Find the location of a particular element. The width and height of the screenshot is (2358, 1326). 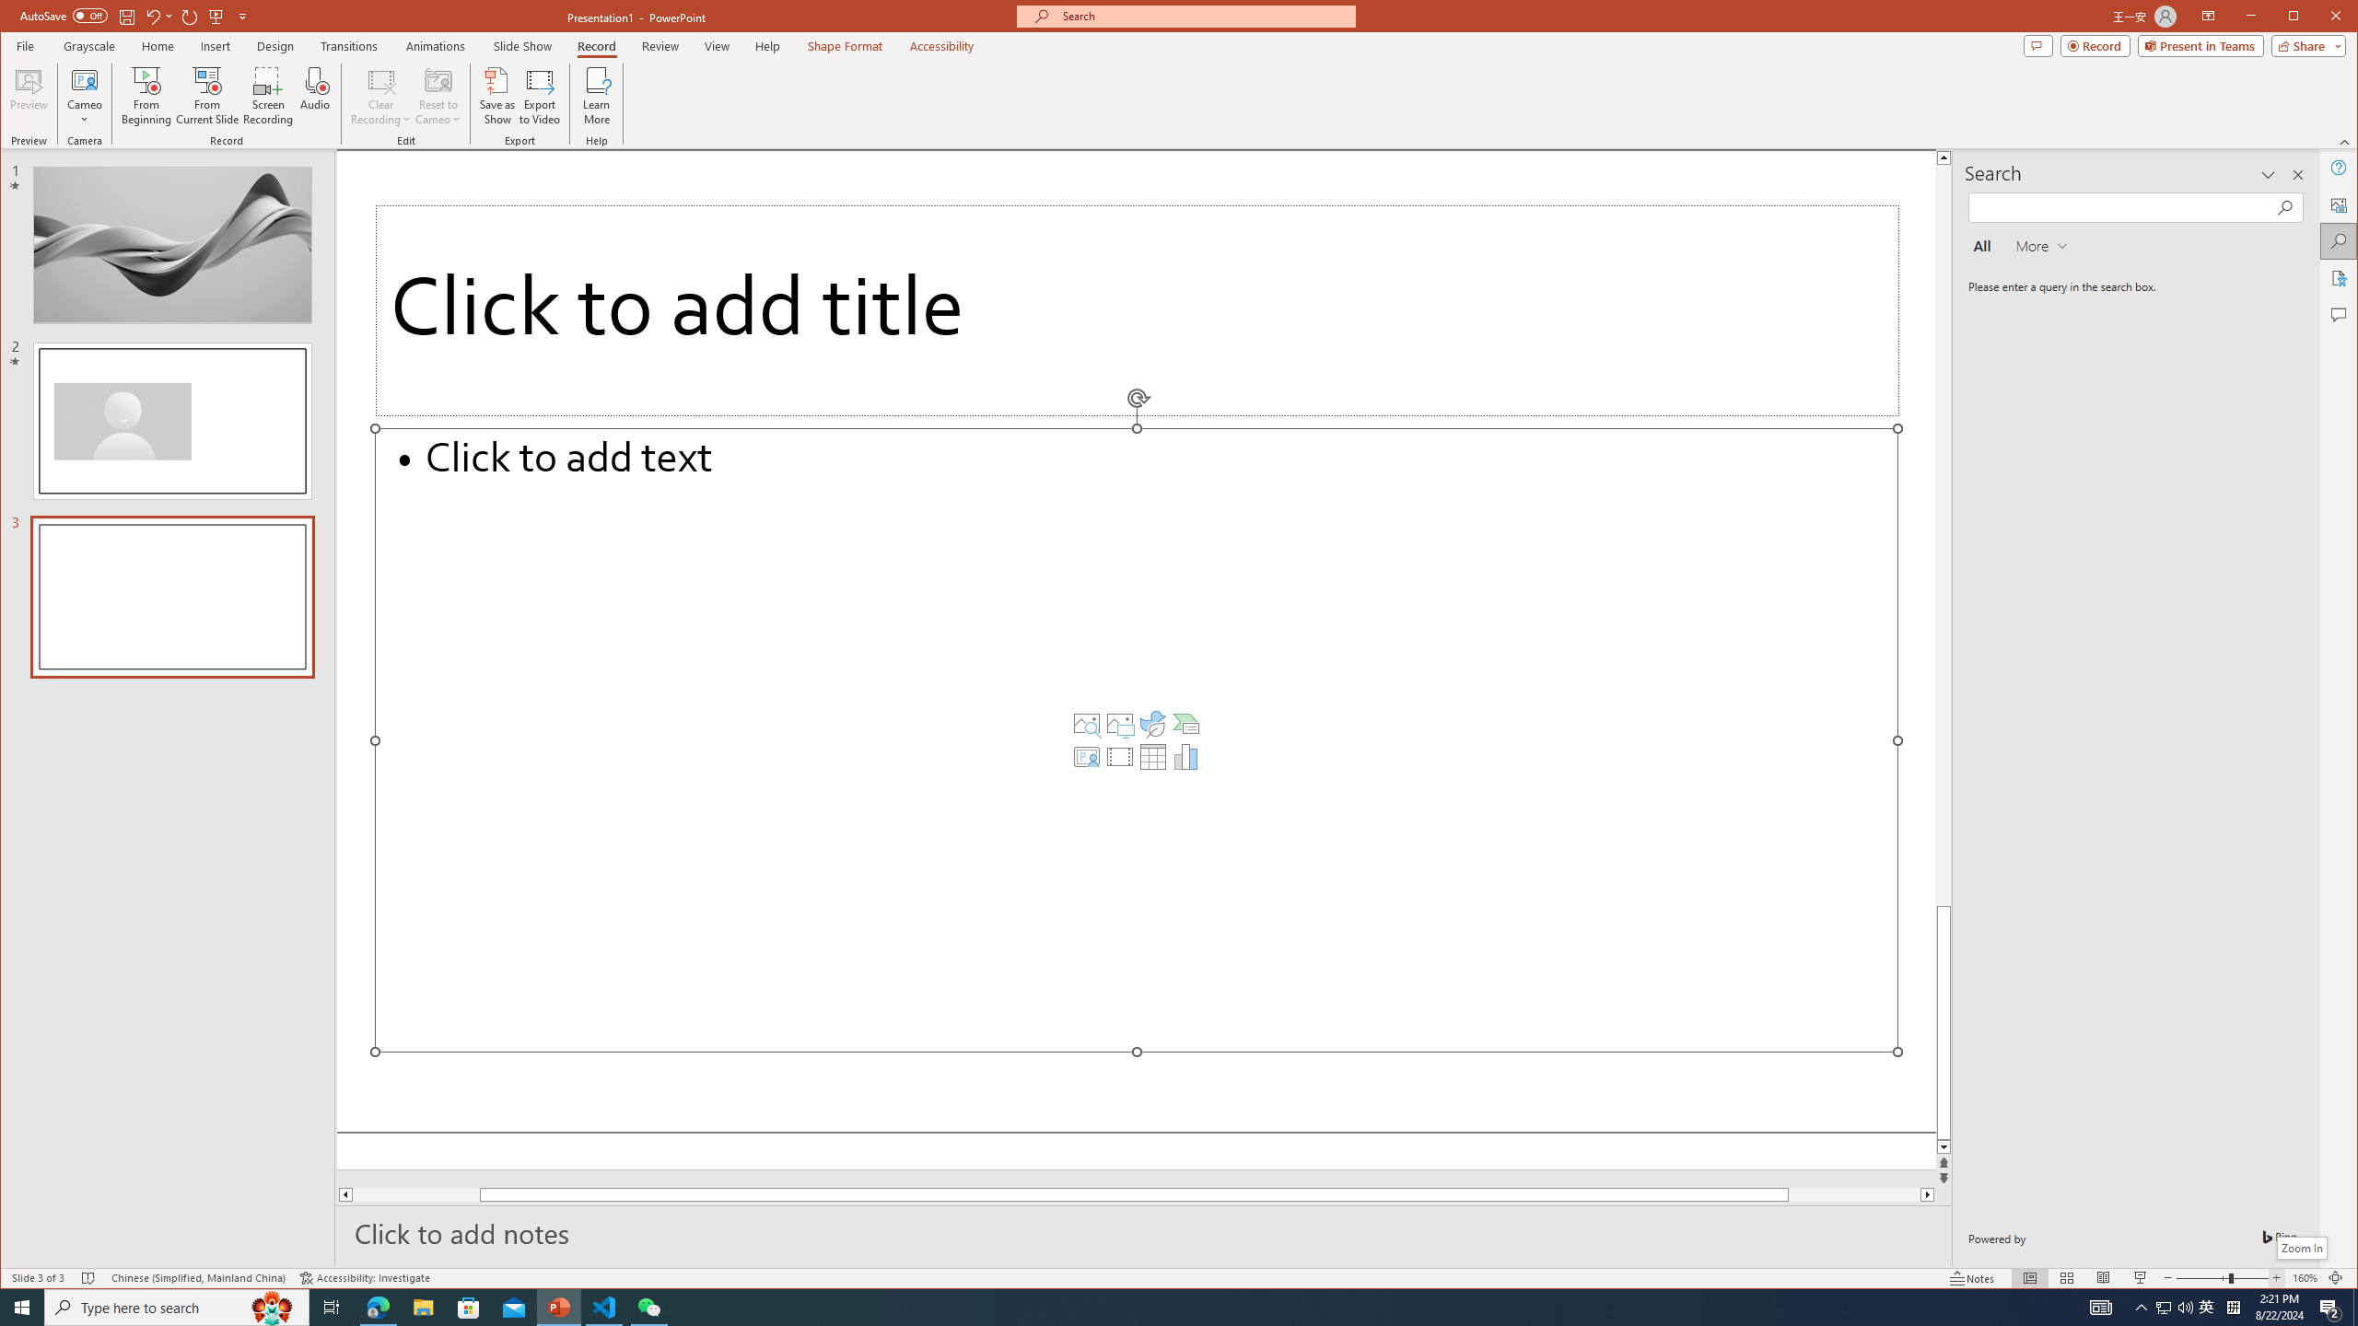

'Accessibility Checker Accessibility: Investigate' is located at coordinates (364, 1277).